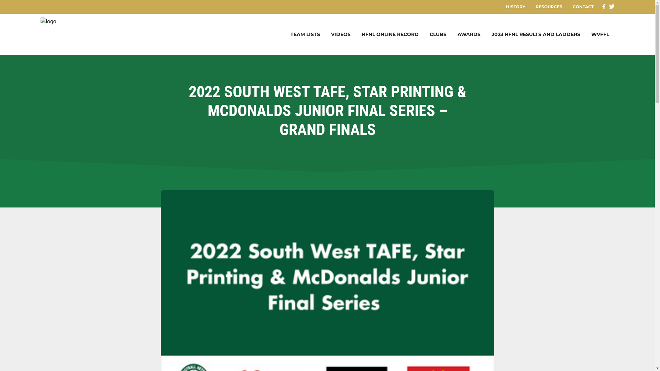 The image size is (660, 371). Describe the element at coordinates (600, 34) in the screenshot. I see `'WVFFL'` at that location.